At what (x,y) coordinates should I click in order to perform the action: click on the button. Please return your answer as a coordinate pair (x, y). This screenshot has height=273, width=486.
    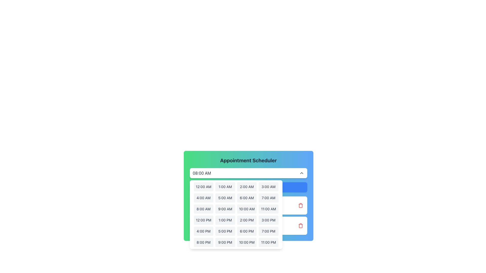
    Looking at the image, I should click on (225, 242).